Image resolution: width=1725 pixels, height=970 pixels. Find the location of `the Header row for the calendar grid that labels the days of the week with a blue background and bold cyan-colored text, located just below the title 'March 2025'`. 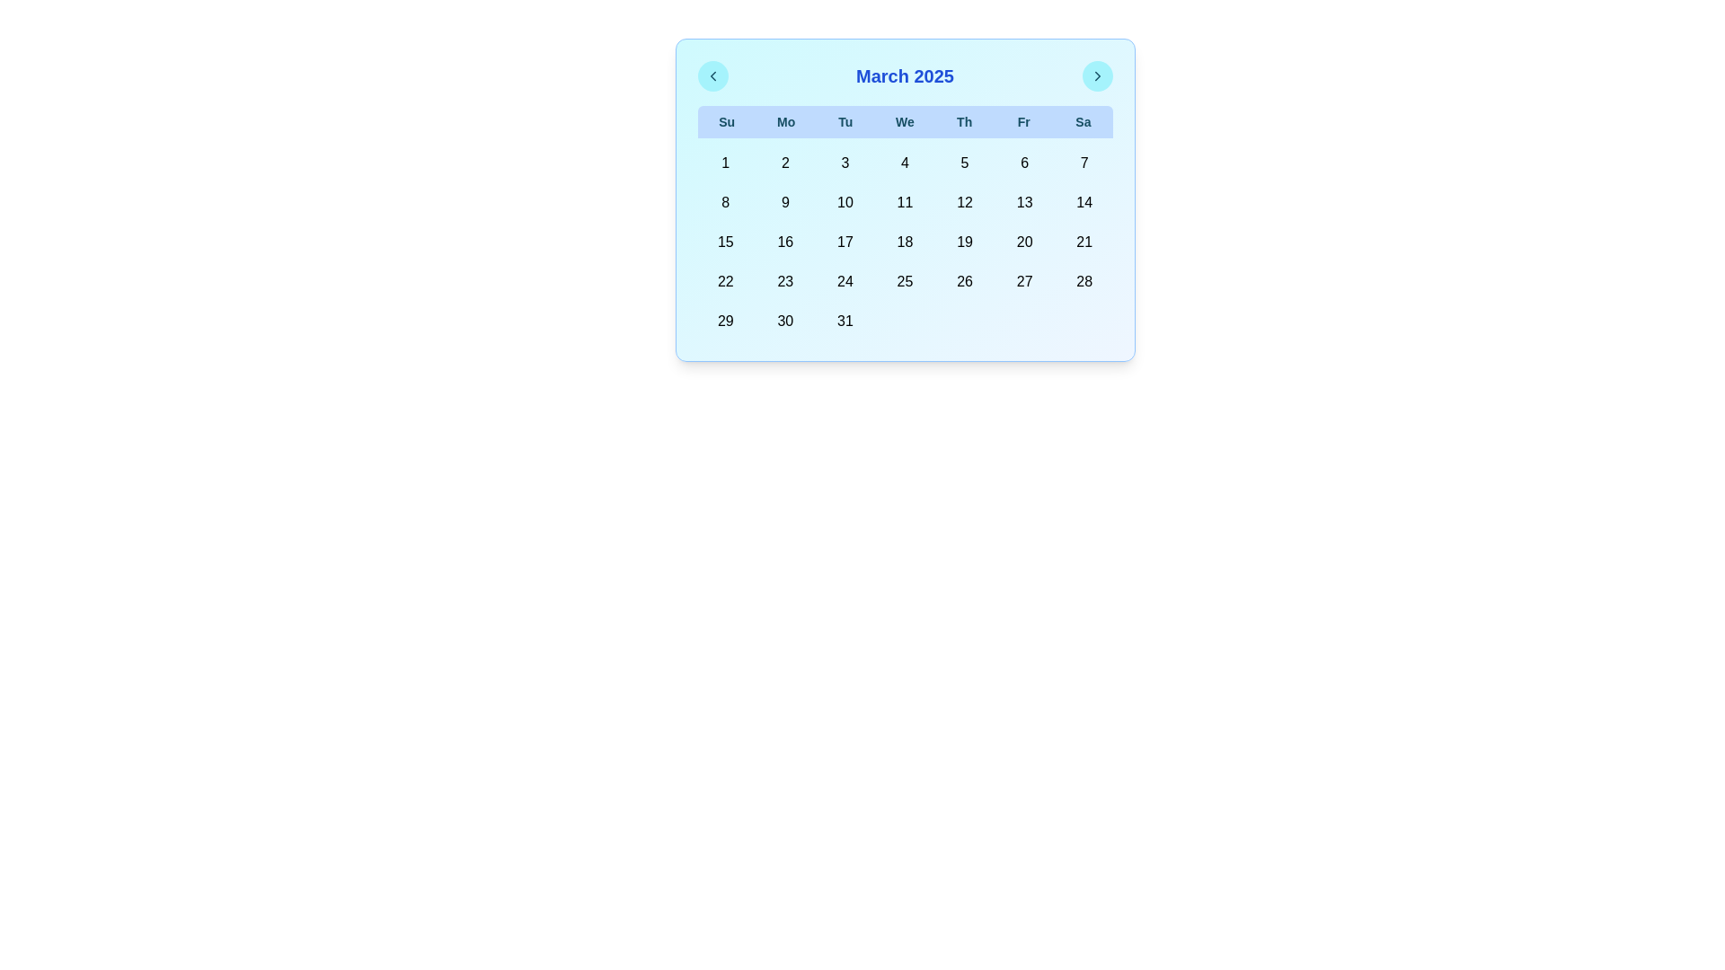

the Header row for the calendar grid that labels the days of the week with a blue background and bold cyan-colored text, located just below the title 'March 2025' is located at coordinates (905, 121).